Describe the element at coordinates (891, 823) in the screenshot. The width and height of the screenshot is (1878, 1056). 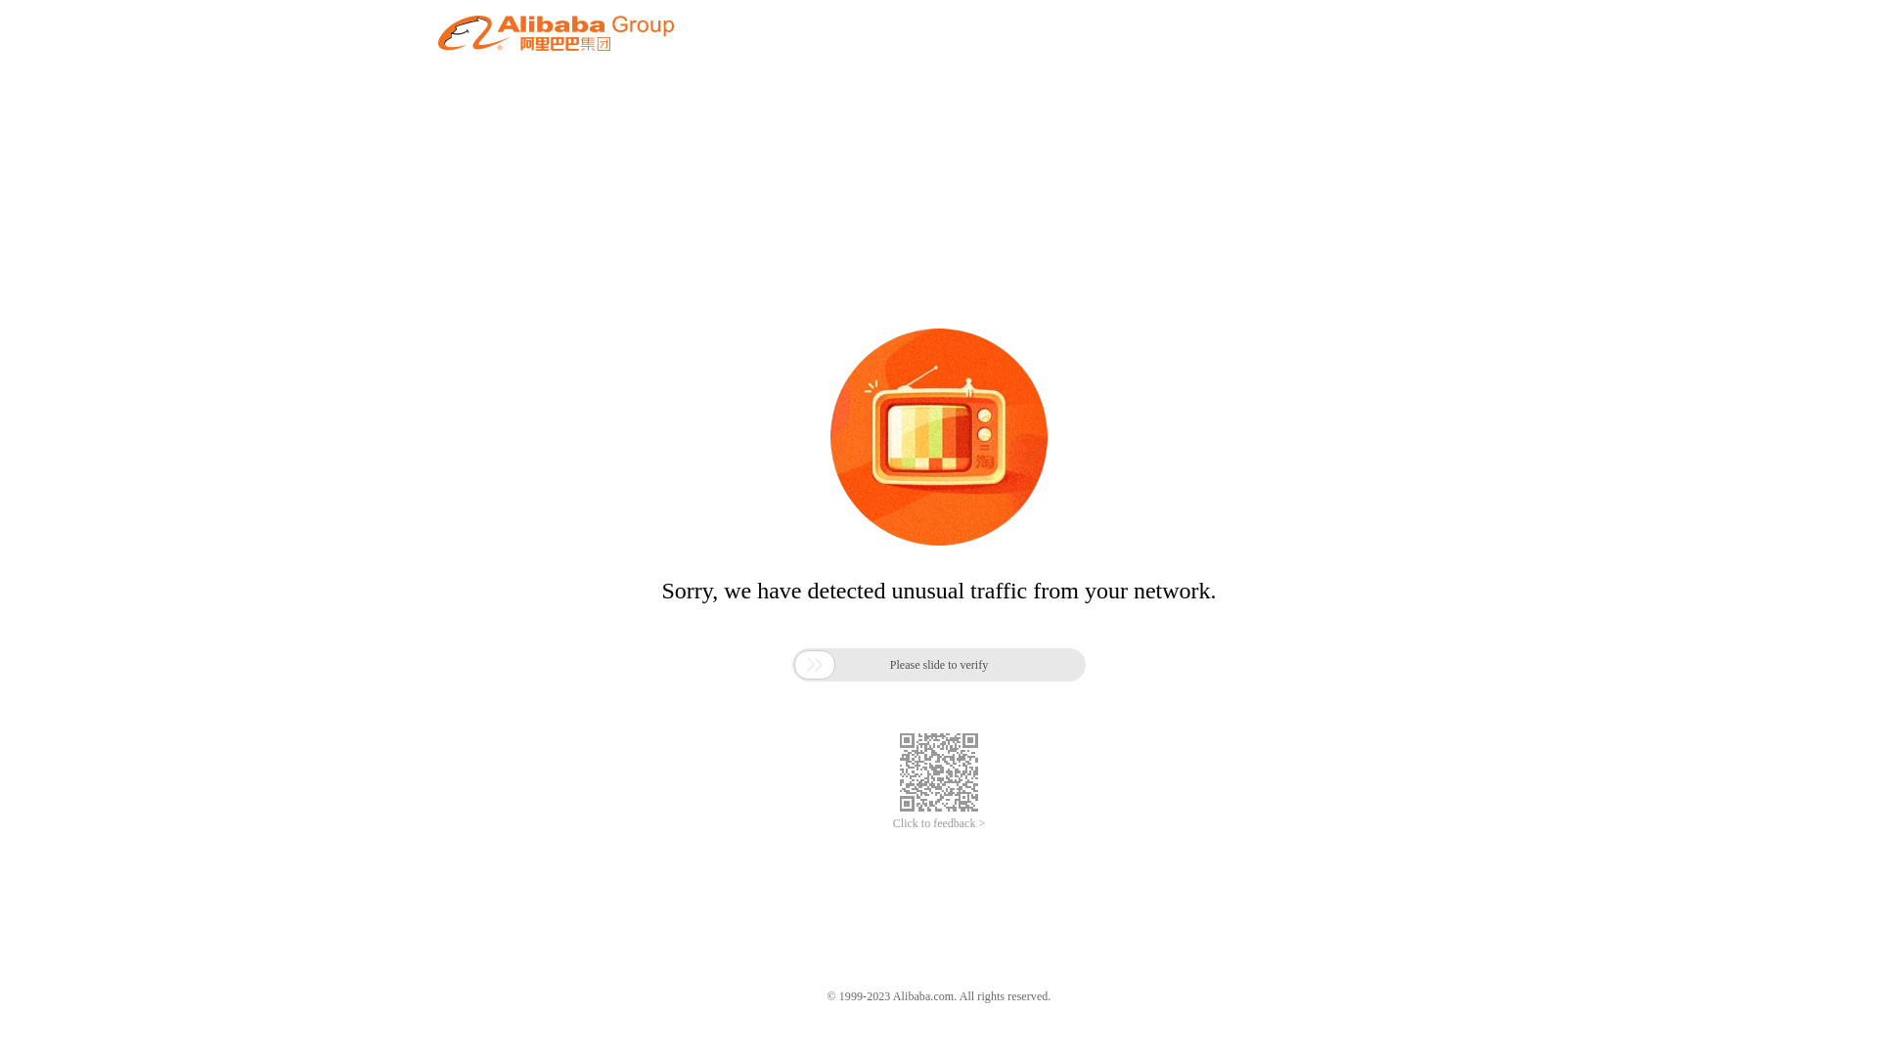
I see `'Click to feedback >'` at that location.